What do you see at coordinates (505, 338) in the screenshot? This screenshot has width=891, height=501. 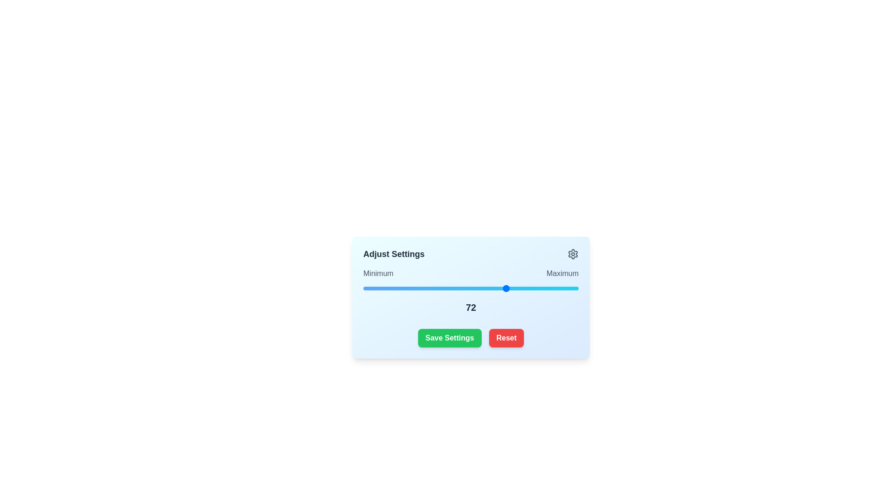 I see `the 'Reset' button to restore the default value` at bounding box center [505, 338].